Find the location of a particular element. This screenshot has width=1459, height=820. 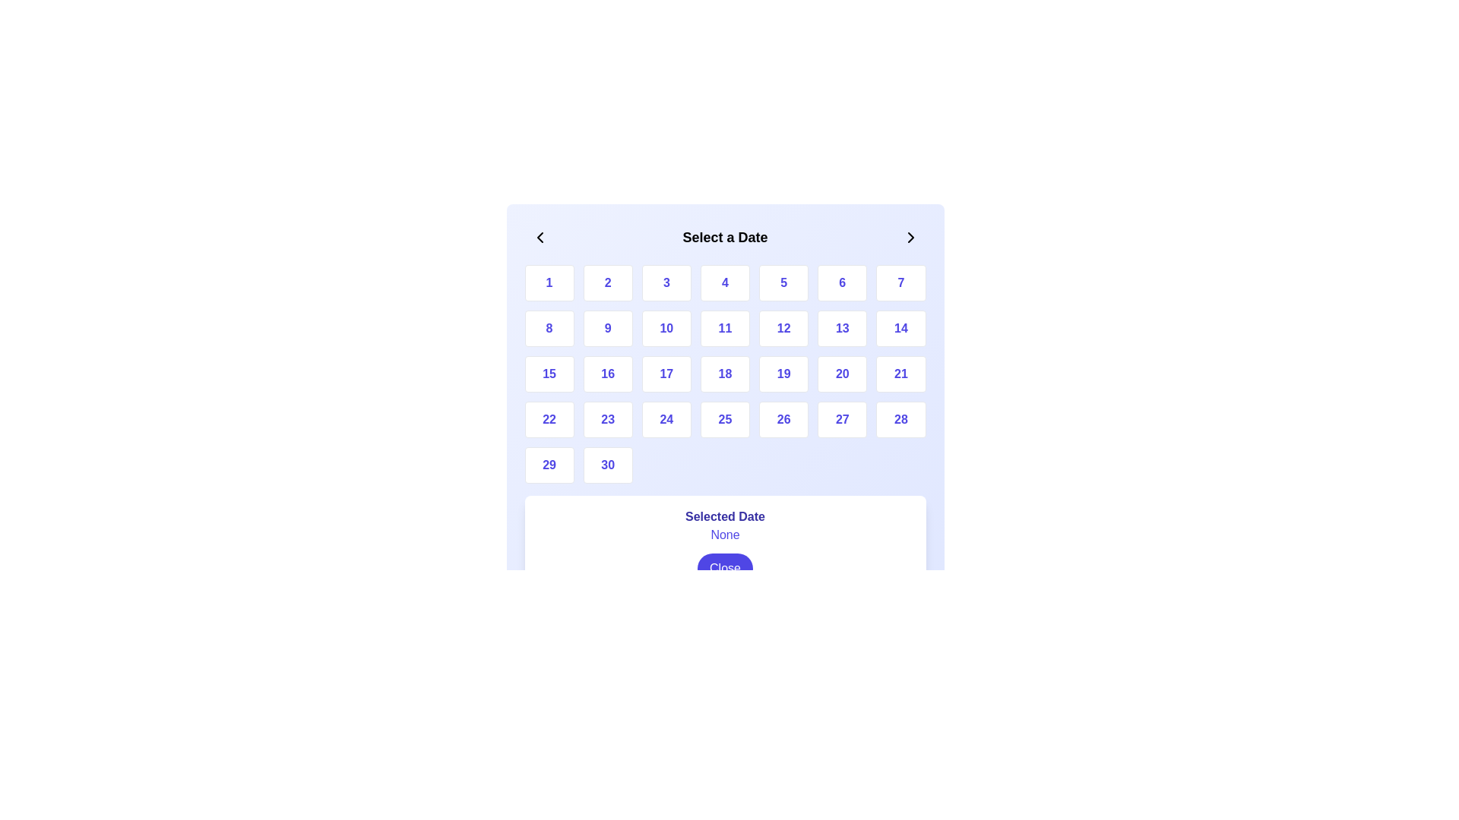

the button labeled '24' with a white background and indigo text, located in the fifth row and third column of a 7-column grid layout is located at coordinates (666, 419).